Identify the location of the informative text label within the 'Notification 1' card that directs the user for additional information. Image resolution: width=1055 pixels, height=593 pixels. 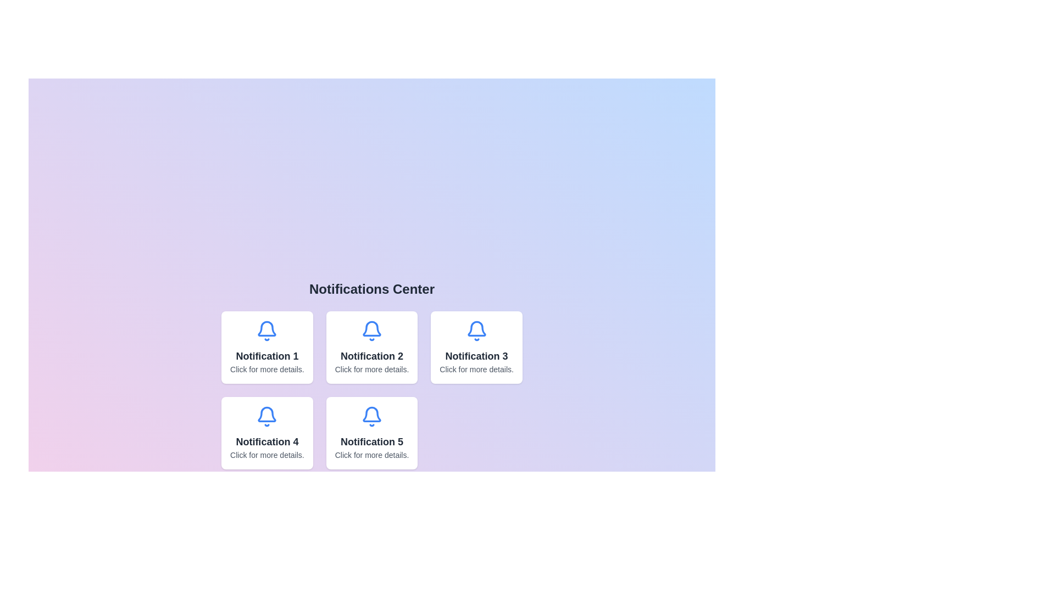
(267, 369).